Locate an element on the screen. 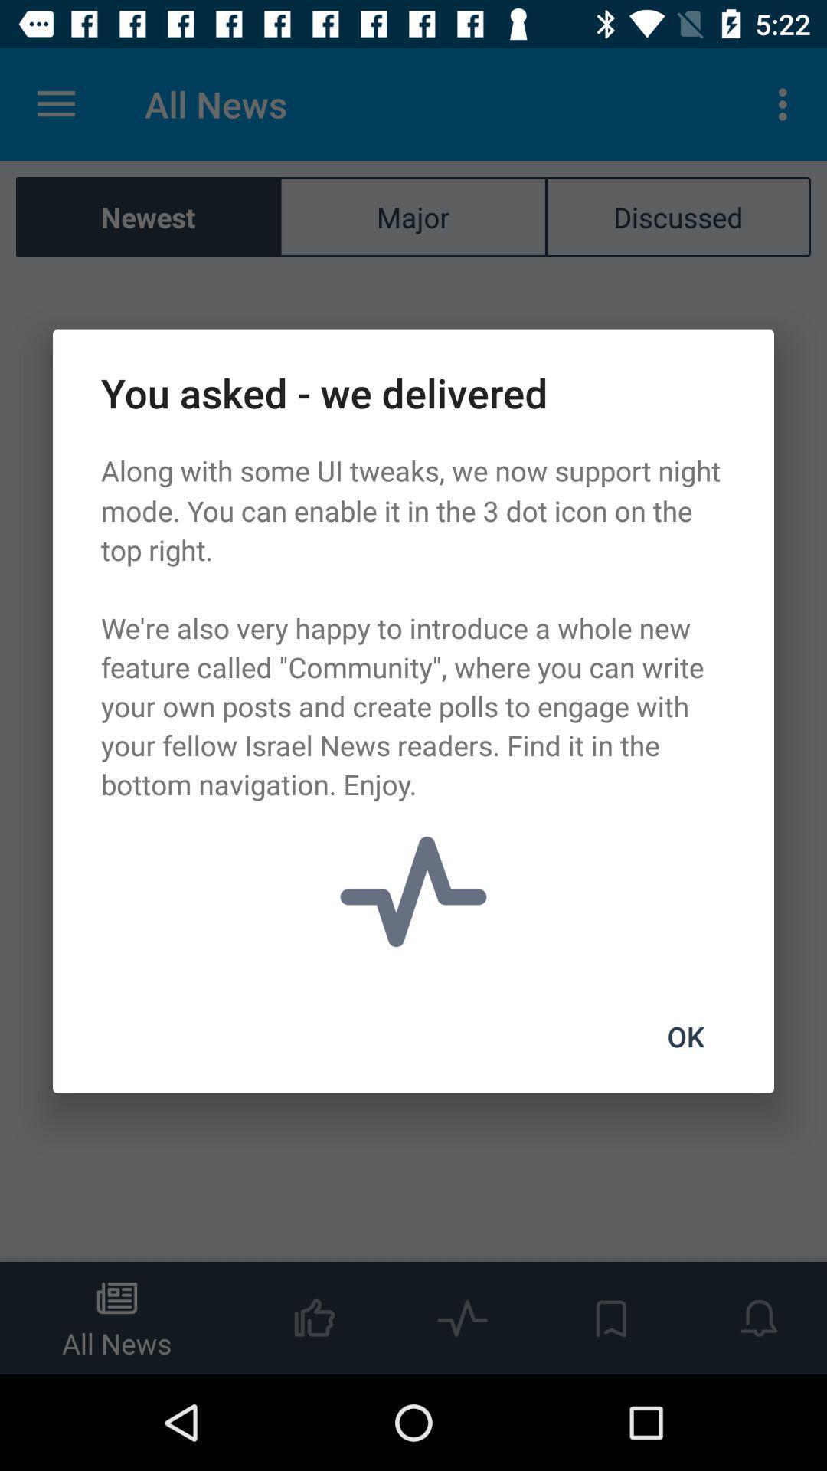 This screenshot has height=1471, width=827. ok is located at coordinates (685, 1037).